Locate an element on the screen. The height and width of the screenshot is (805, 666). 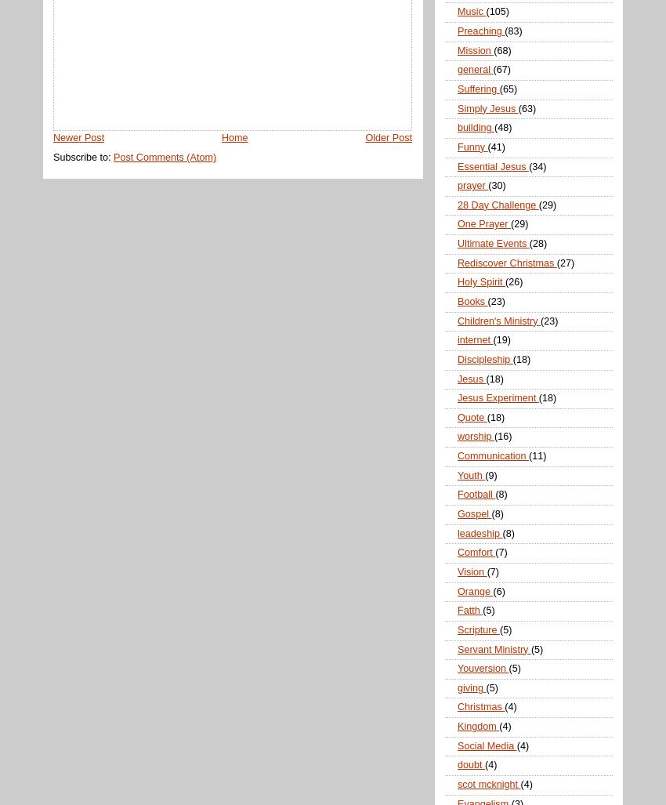
'One Prayer' is located at coordinates (483, 223).